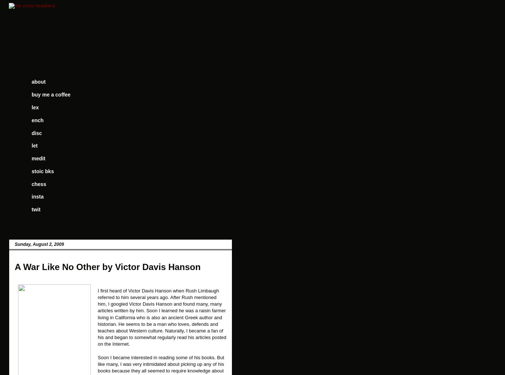 The image size is (505, 375). I want to click on 'ench', so click(37, 120).